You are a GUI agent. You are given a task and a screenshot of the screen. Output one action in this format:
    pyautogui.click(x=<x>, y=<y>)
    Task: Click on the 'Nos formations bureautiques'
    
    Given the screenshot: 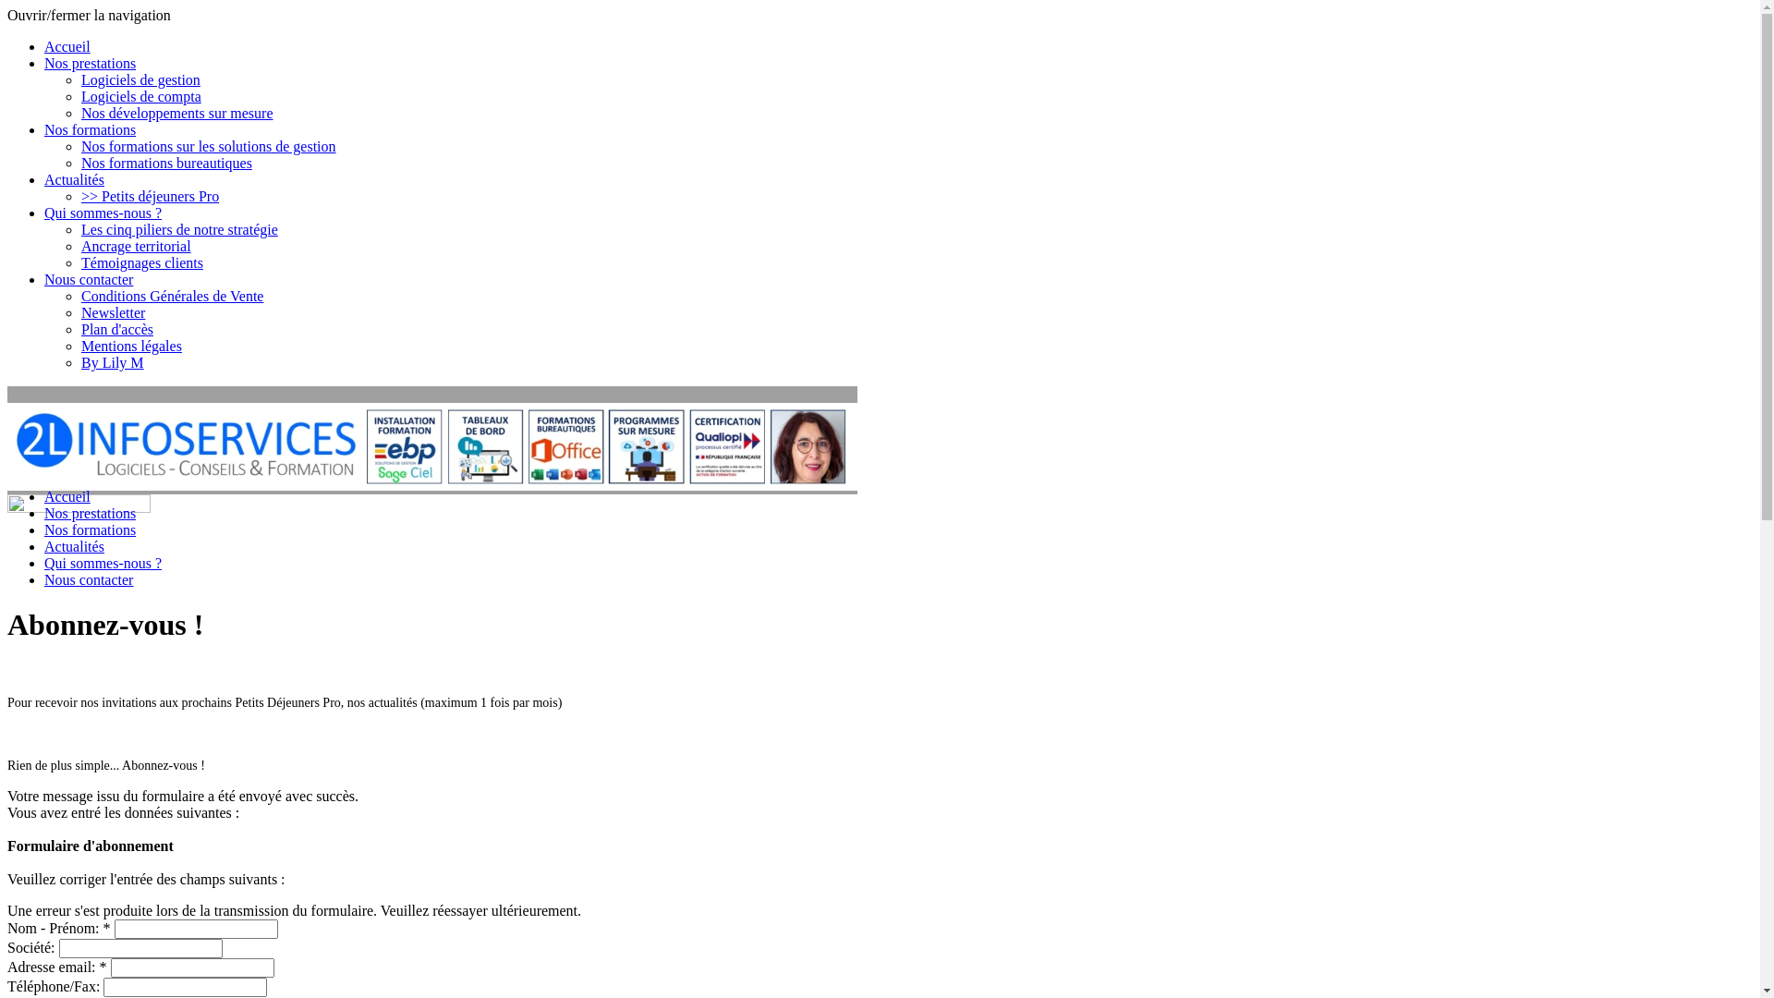 What is the action you would take?
    pyautogui.click(x=166, y=162)
    